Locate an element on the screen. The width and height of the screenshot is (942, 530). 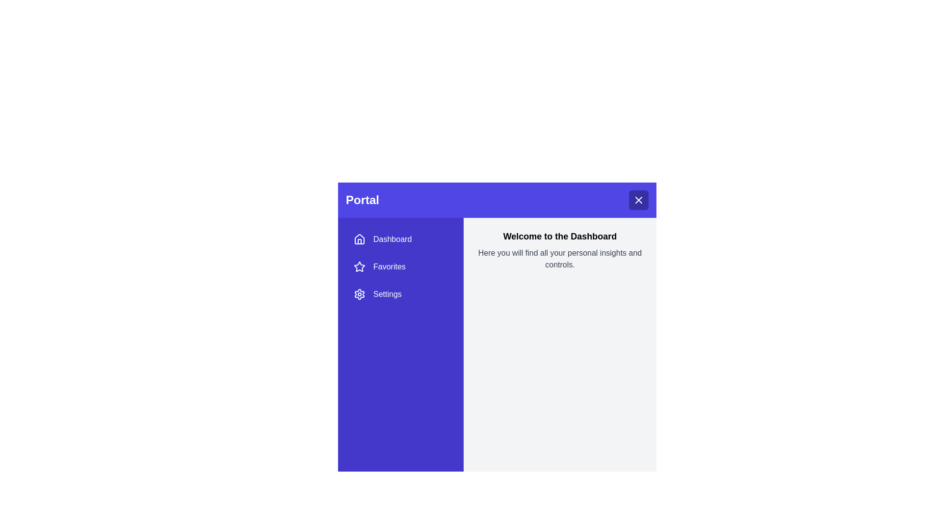
the 'Settings' menu option, which is the third item in the vertical list of menu options in the sidebar is located at coordinates (400, 294).